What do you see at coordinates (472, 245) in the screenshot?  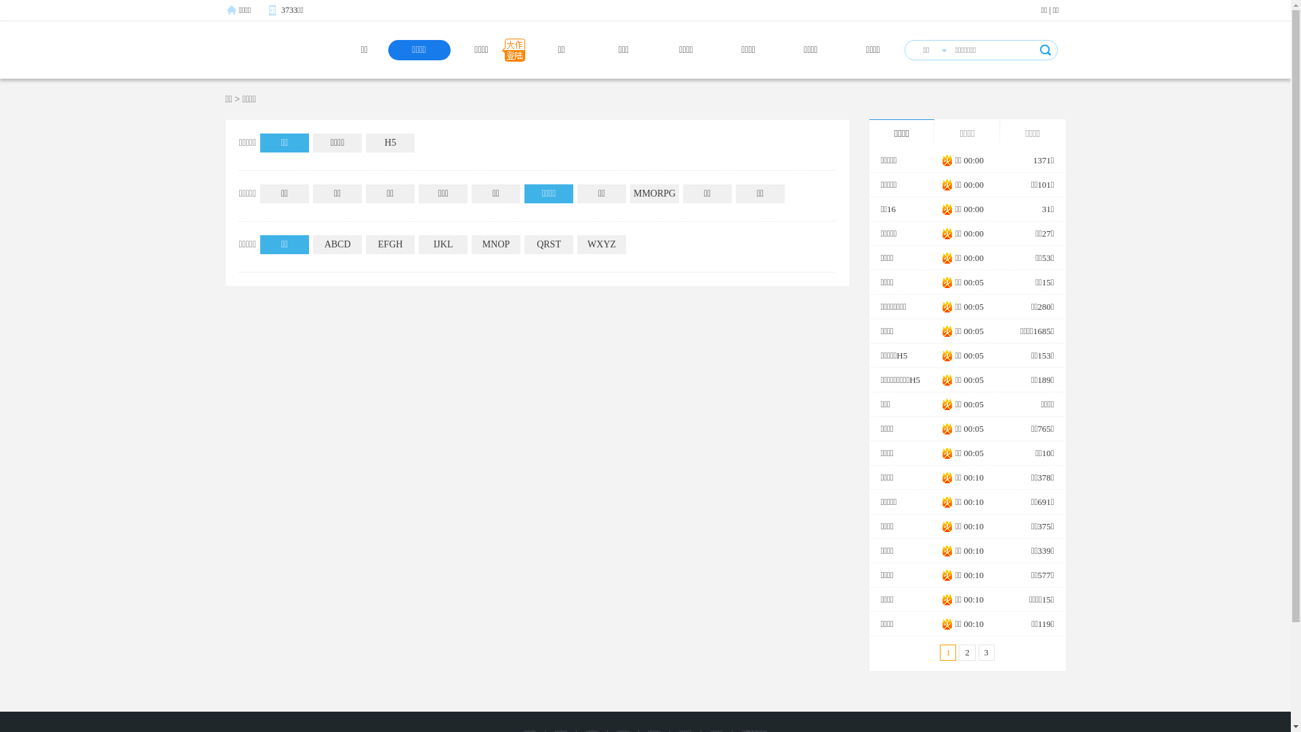 I see `'MNOP'` at bounding box center [472, 245].